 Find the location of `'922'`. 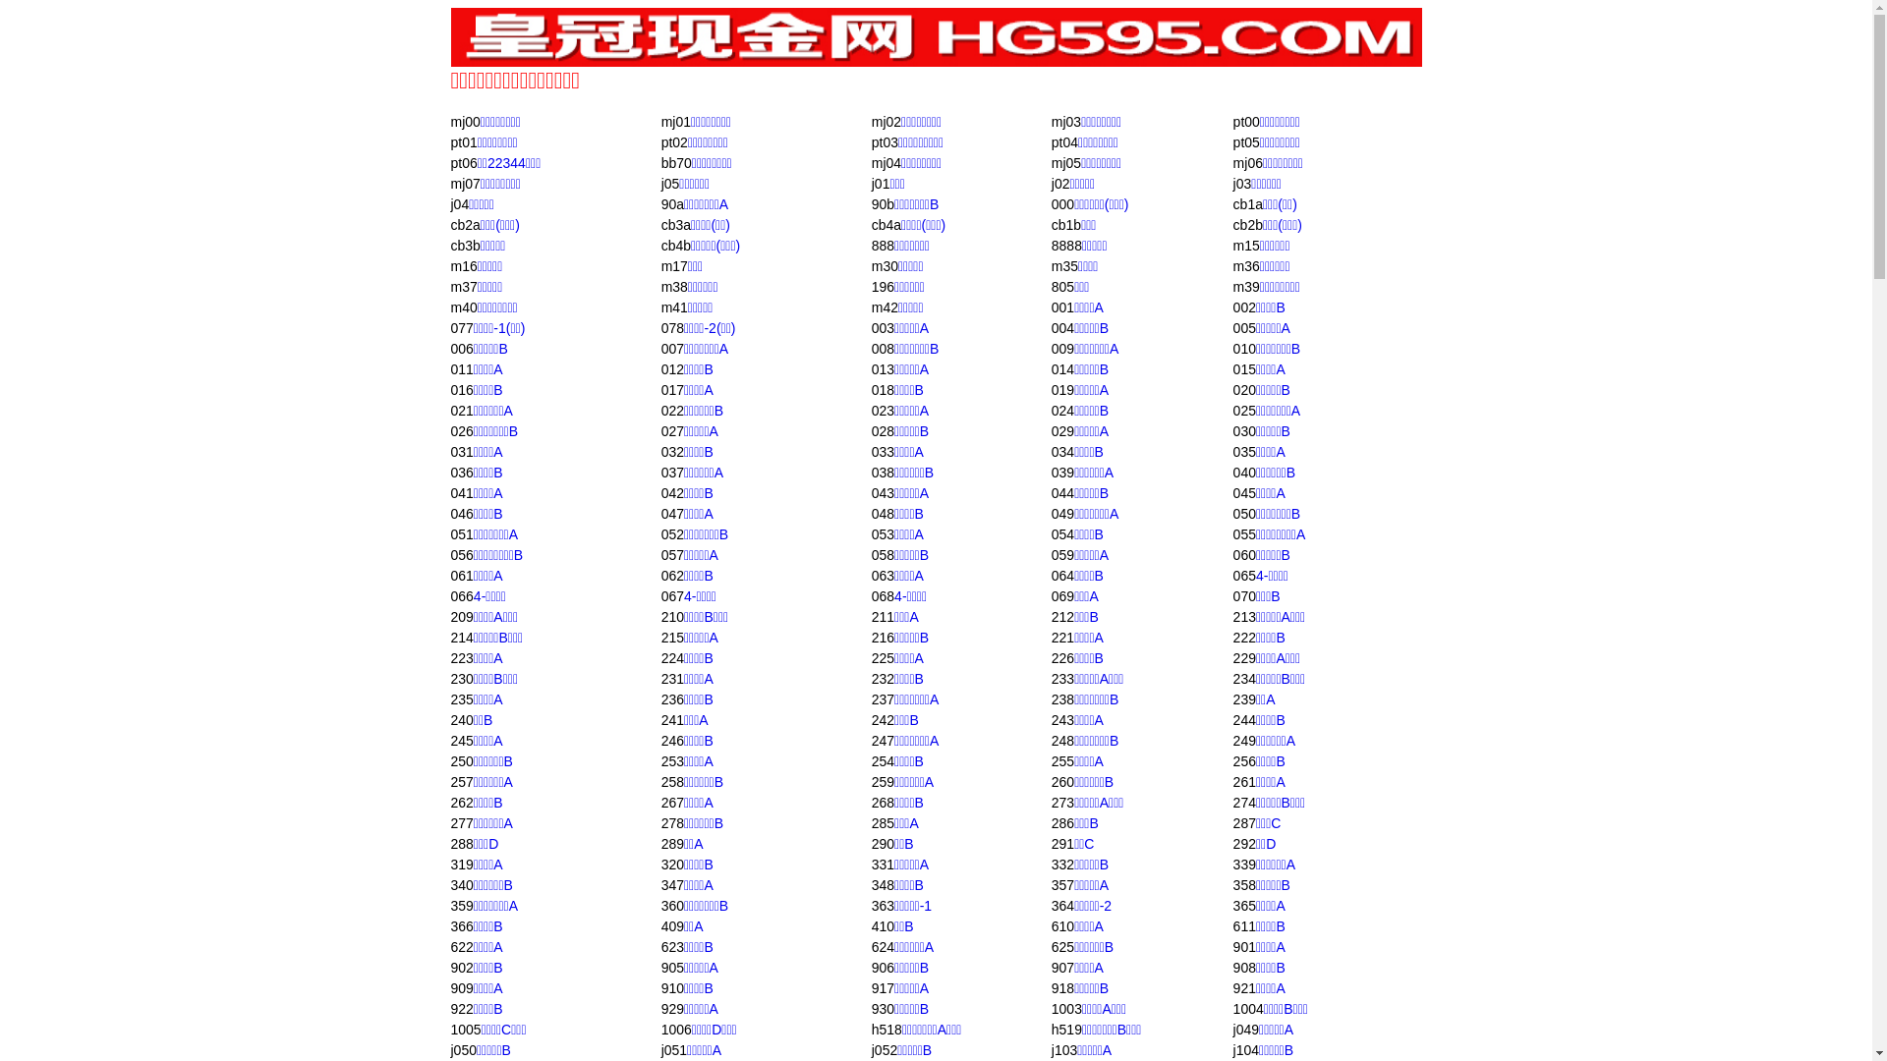

'922' is located at coordinates (460, 1008).